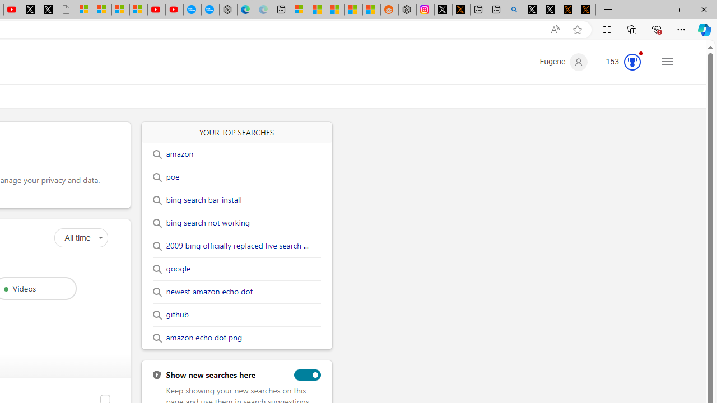  What do you see at coordinates (632, 29) in the screenshot?
I see `'Collections'` at bounding box center [632, 29].